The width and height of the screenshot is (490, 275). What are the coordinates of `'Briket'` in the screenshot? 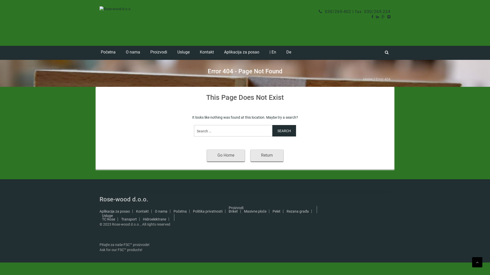 It's located at (233, 211).